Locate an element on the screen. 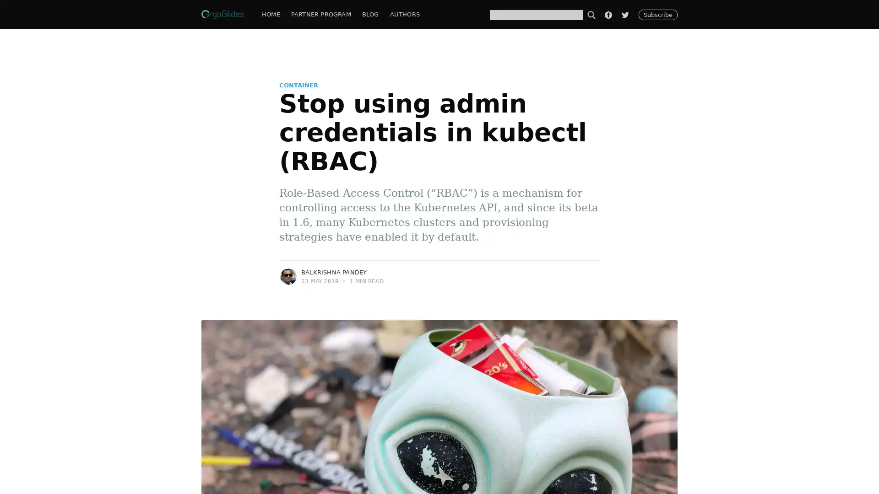 This screenshot has width=879, height=494. Subscribe is located at coordinates (532, 273).